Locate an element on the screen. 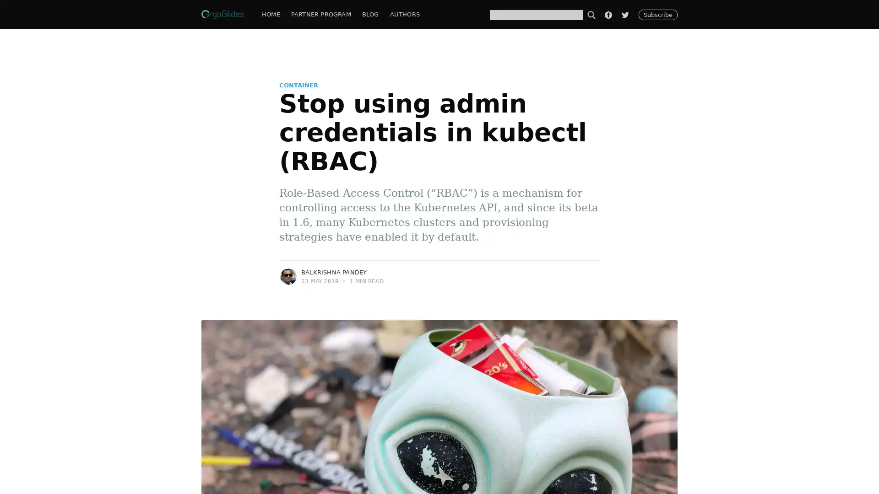 This screenshot has width=879, height=494. Subscribe is located at coordinates (532, 273).